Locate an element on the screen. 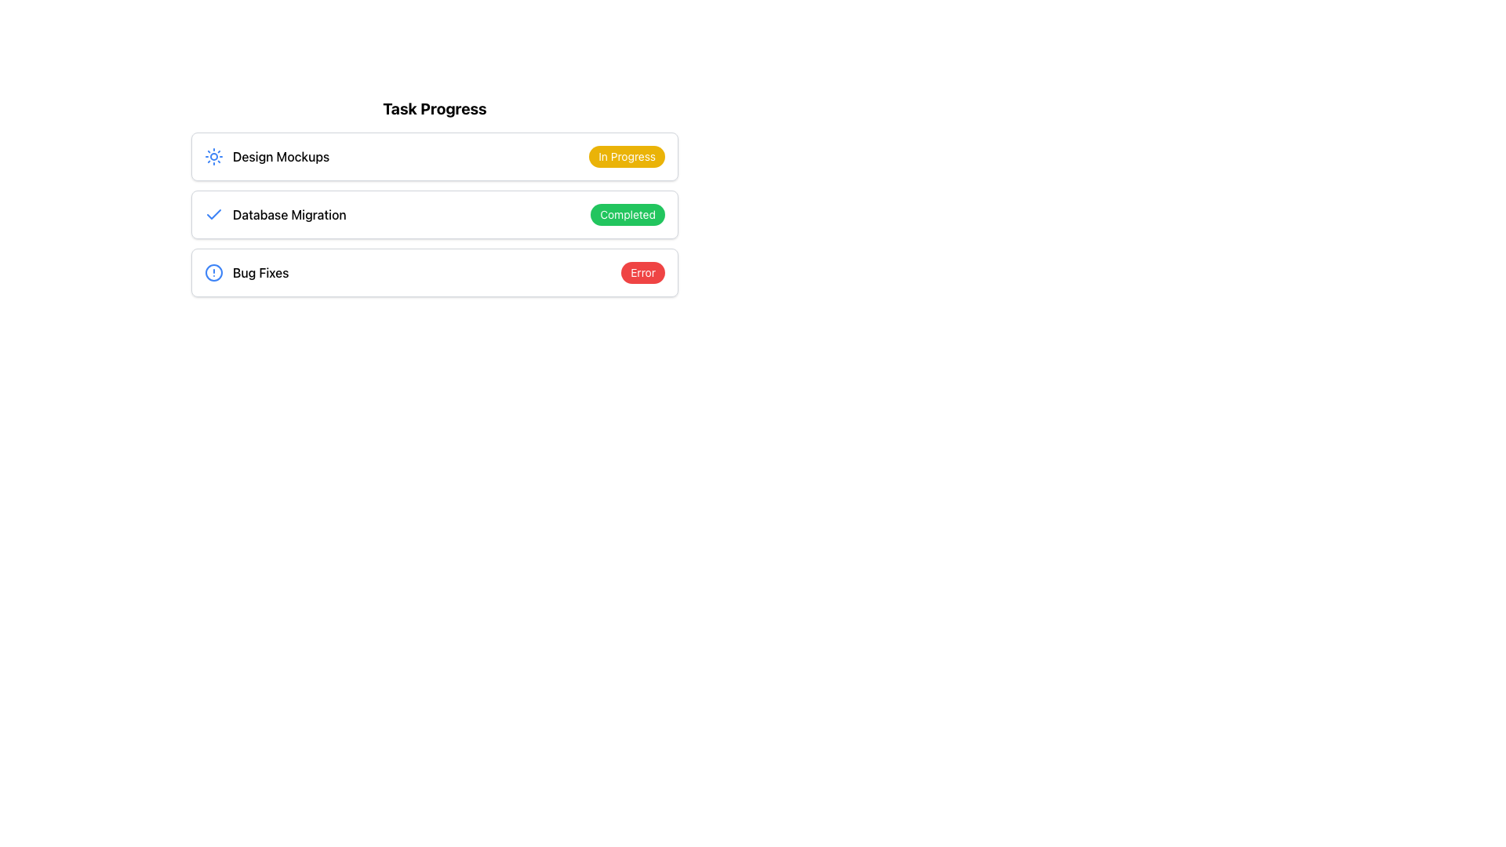 The image size is (1506, 847). the completed task card for 'Database Migration' in the task progress tracker is located at coordinates (435, 214).